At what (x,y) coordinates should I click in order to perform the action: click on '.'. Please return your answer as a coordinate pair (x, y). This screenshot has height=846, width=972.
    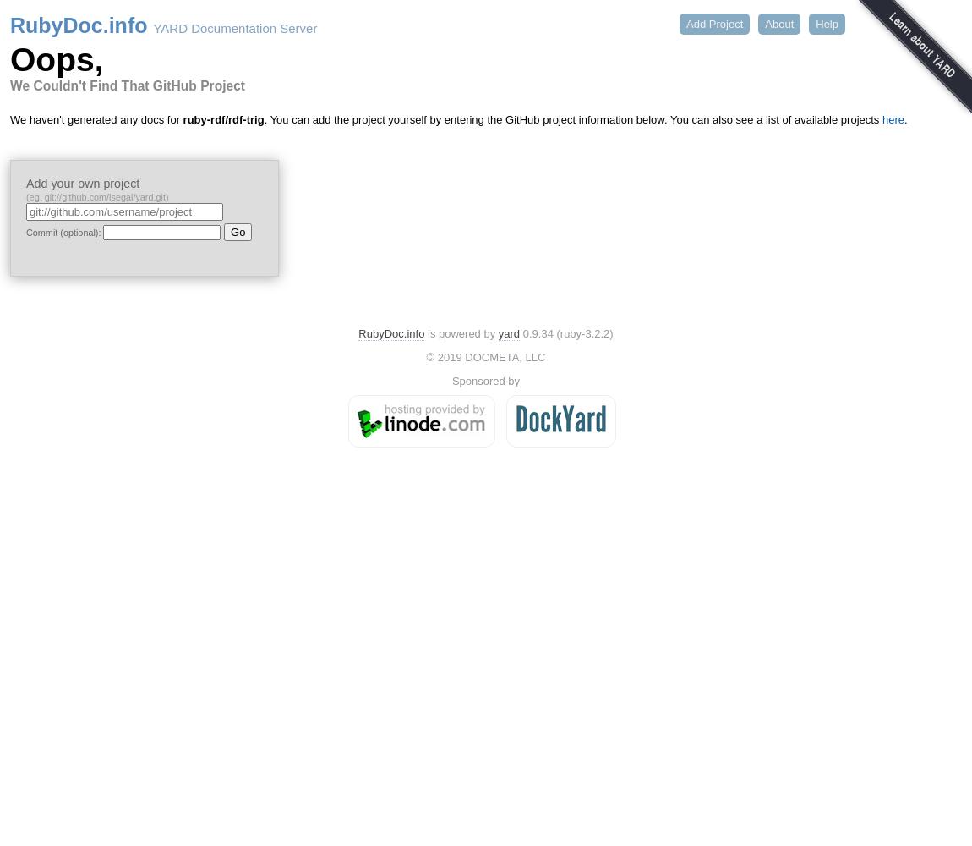
    Looking at the image, I should click on (904, 119).